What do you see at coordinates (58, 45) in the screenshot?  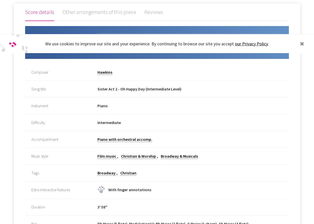 I see `'Get this score in a collection and take advantage of the discount!'` at bounding box center [58, 45].